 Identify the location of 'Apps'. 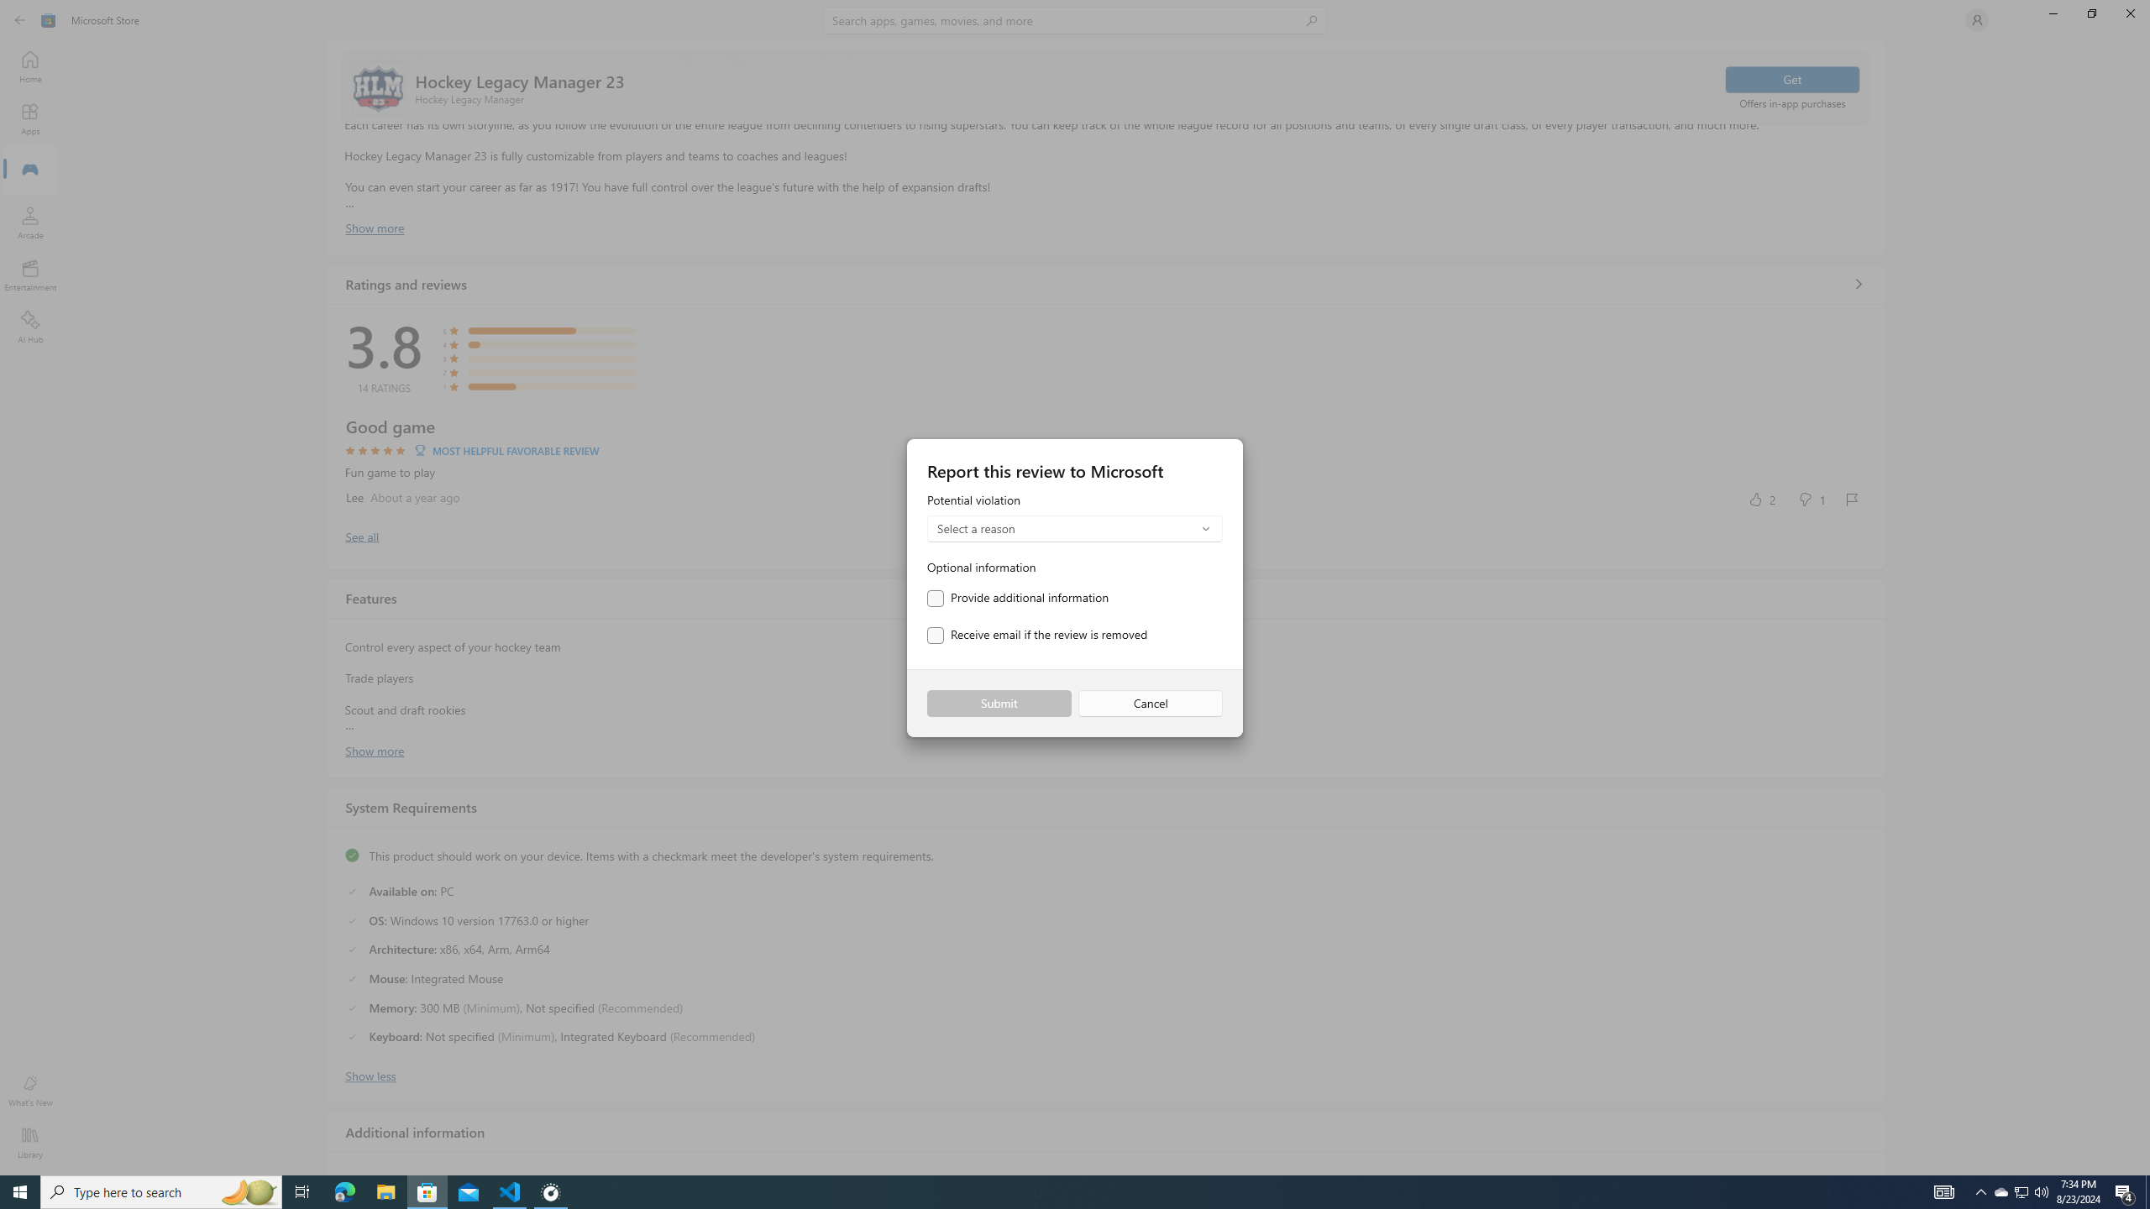
(29, 118).